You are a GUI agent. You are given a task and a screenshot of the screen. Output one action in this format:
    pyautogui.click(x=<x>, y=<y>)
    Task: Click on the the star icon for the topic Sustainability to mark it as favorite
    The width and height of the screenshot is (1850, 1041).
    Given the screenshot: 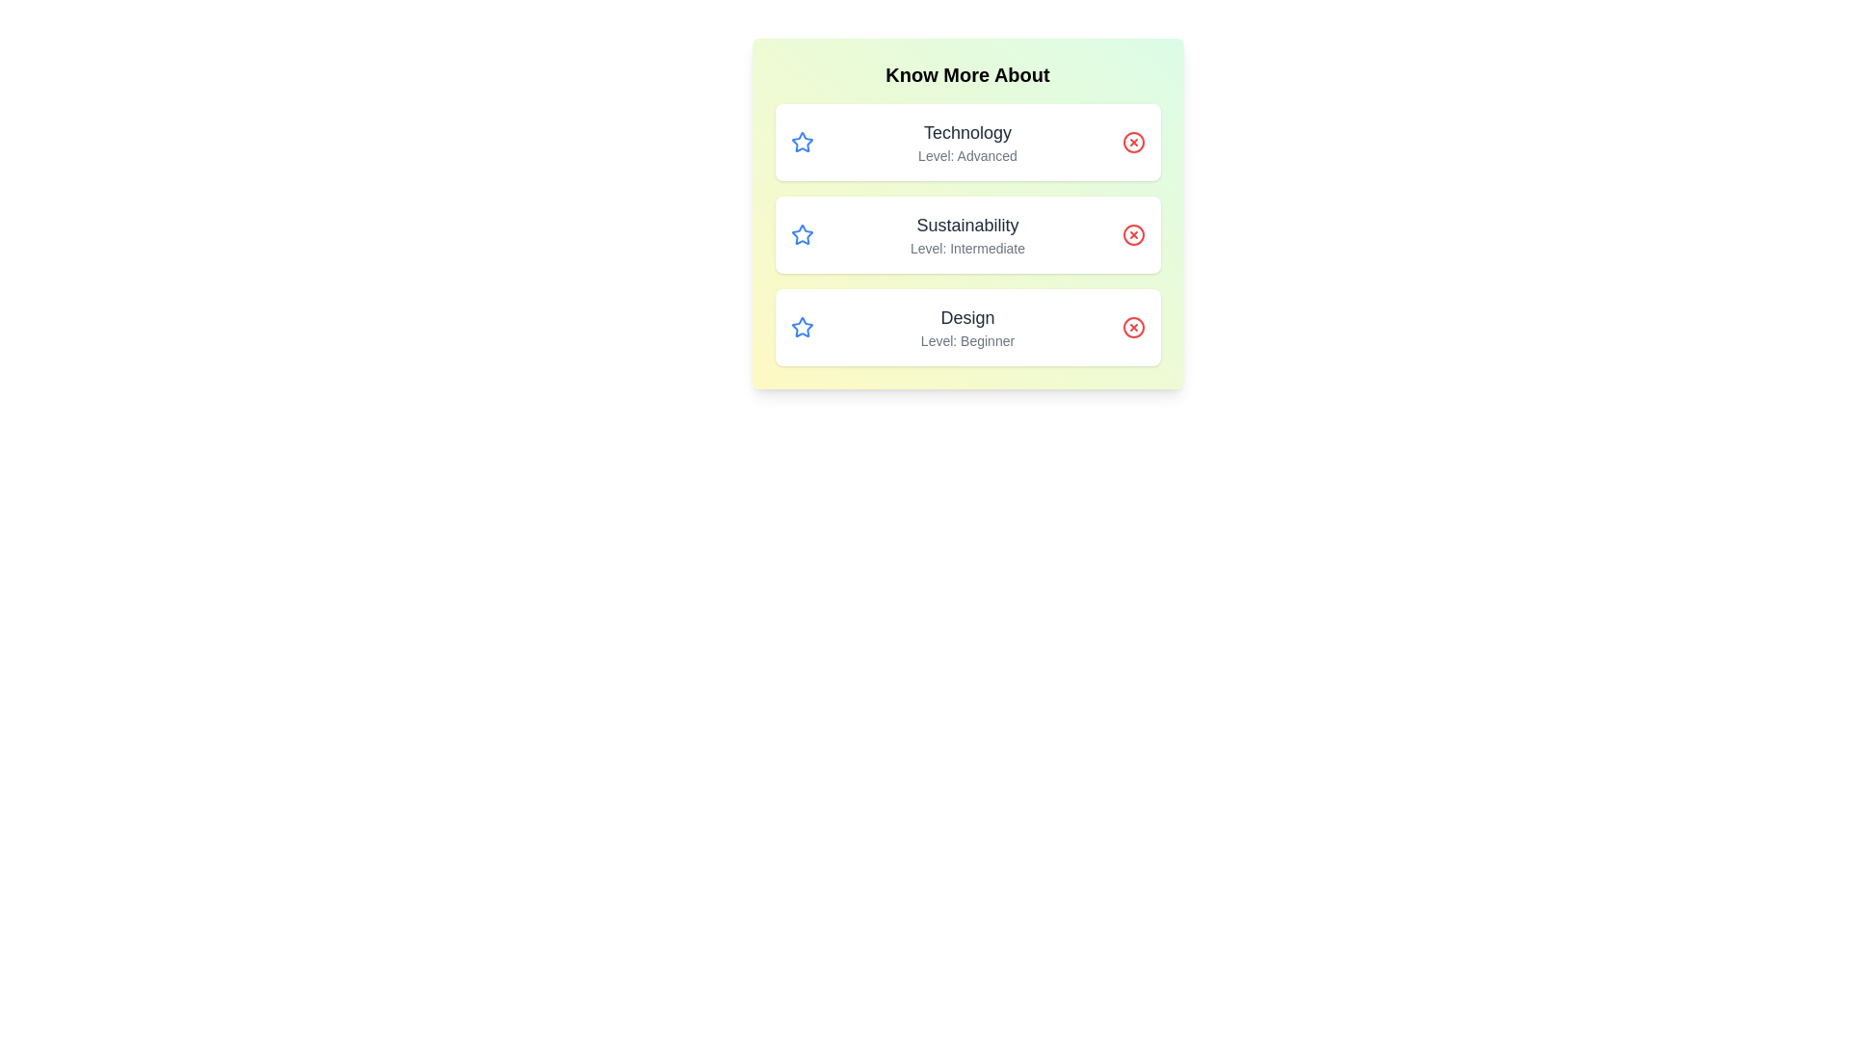 What is the action you would take?
    pyautogui.click(x=802, y=233)
    